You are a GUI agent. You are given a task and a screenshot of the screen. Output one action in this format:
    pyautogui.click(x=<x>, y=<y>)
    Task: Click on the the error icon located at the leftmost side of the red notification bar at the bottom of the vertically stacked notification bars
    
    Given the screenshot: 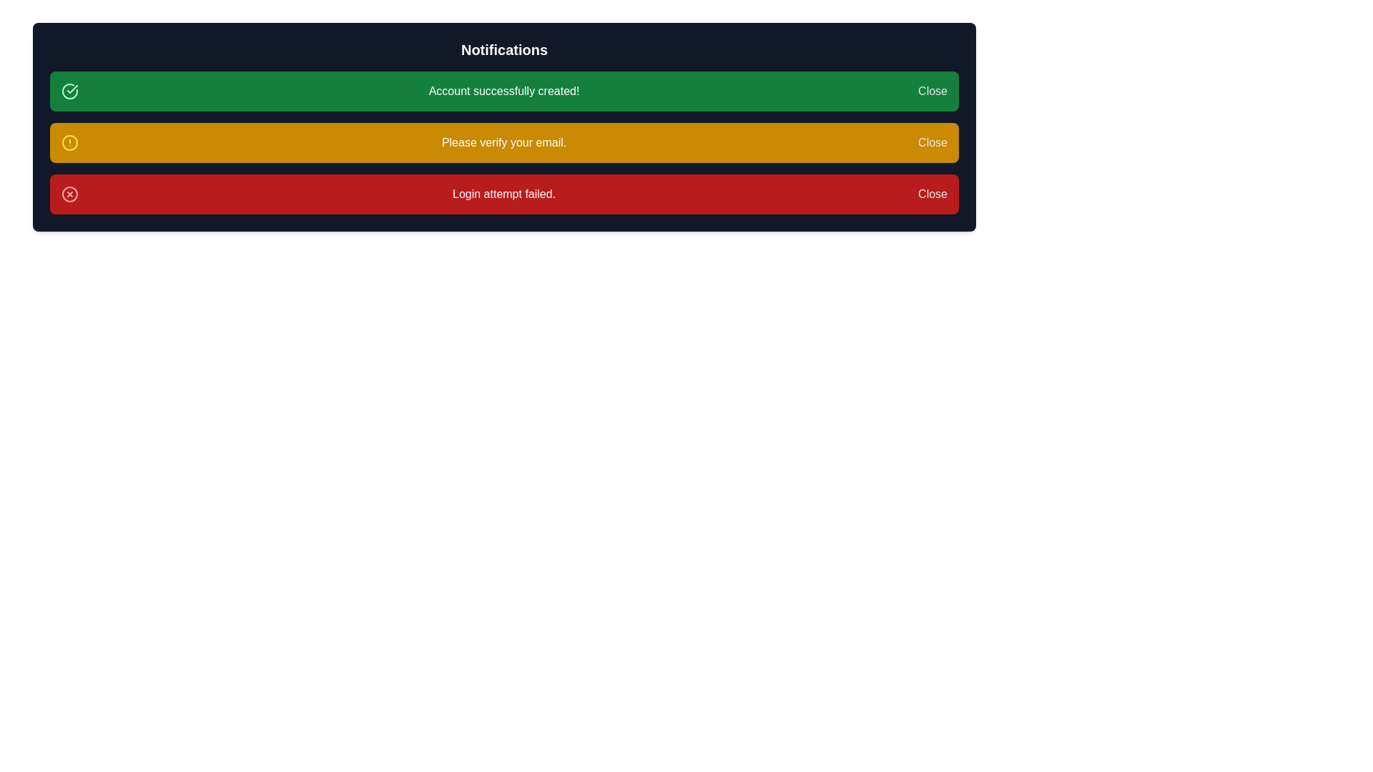 What is the action you would take?
    pyautogui.click(x=69, y=194)
    